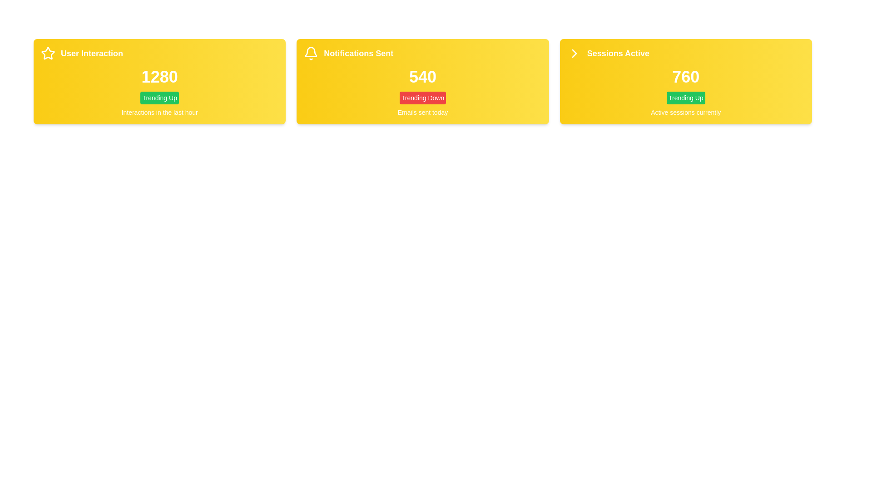  What do you see at coordinates (422, 98) in the screenshot?
I see `the label indicating the downward trend for 'Notifications Sent', located below the numeric label '540' and above 'Emails sent today' within the yellow card` at bounding box center [422, 98].